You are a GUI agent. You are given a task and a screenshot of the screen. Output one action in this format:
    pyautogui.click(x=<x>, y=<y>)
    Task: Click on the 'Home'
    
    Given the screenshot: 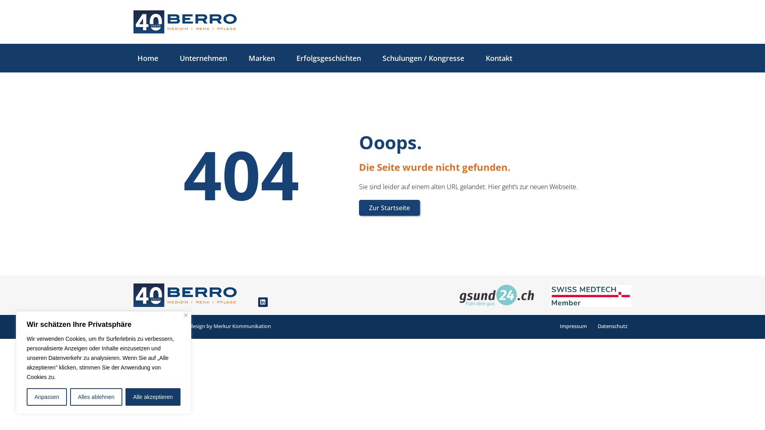 What is the action you would take?
    pyautogui.click(x=147, y=58)
    